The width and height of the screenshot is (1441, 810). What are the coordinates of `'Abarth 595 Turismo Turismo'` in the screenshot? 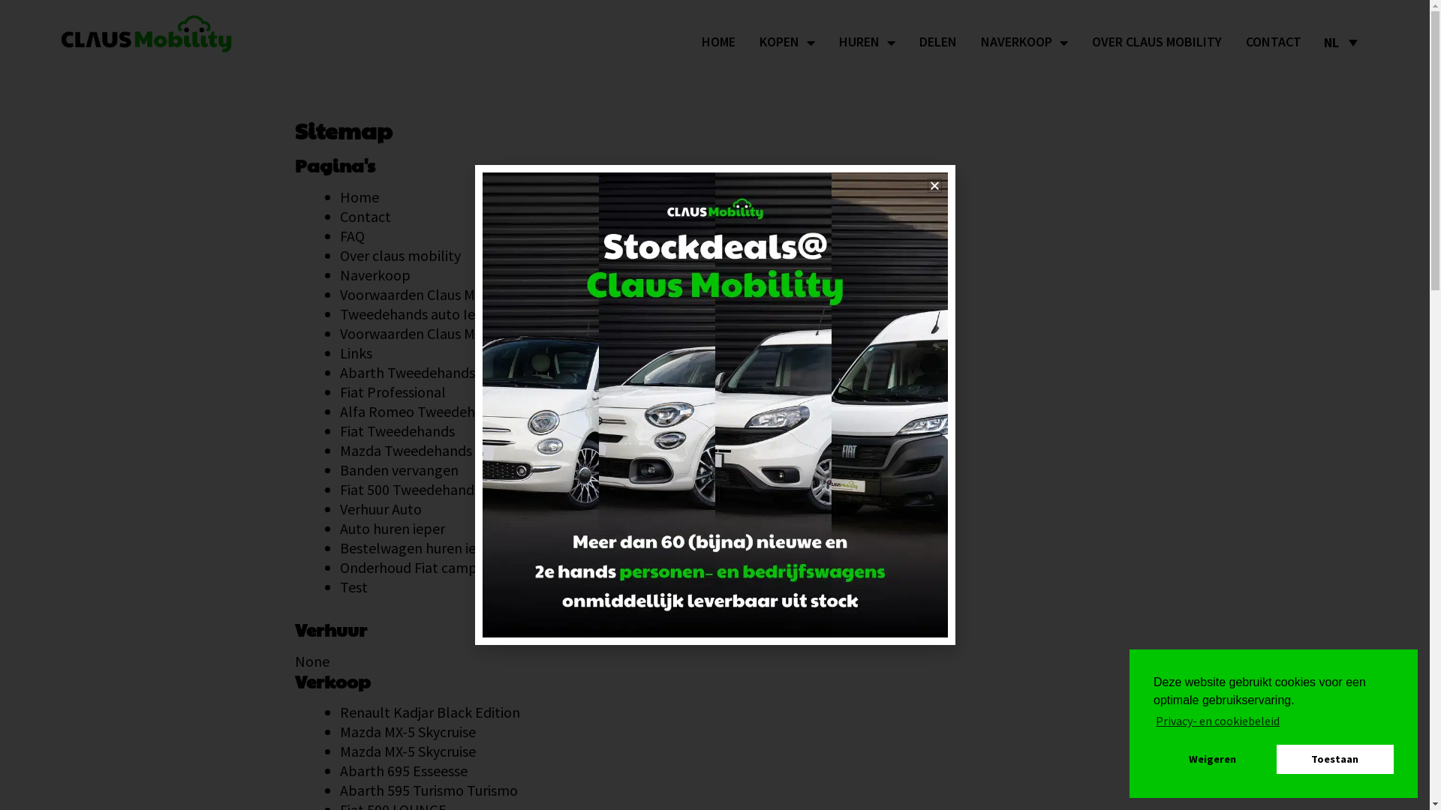 It's located at (427, 789).